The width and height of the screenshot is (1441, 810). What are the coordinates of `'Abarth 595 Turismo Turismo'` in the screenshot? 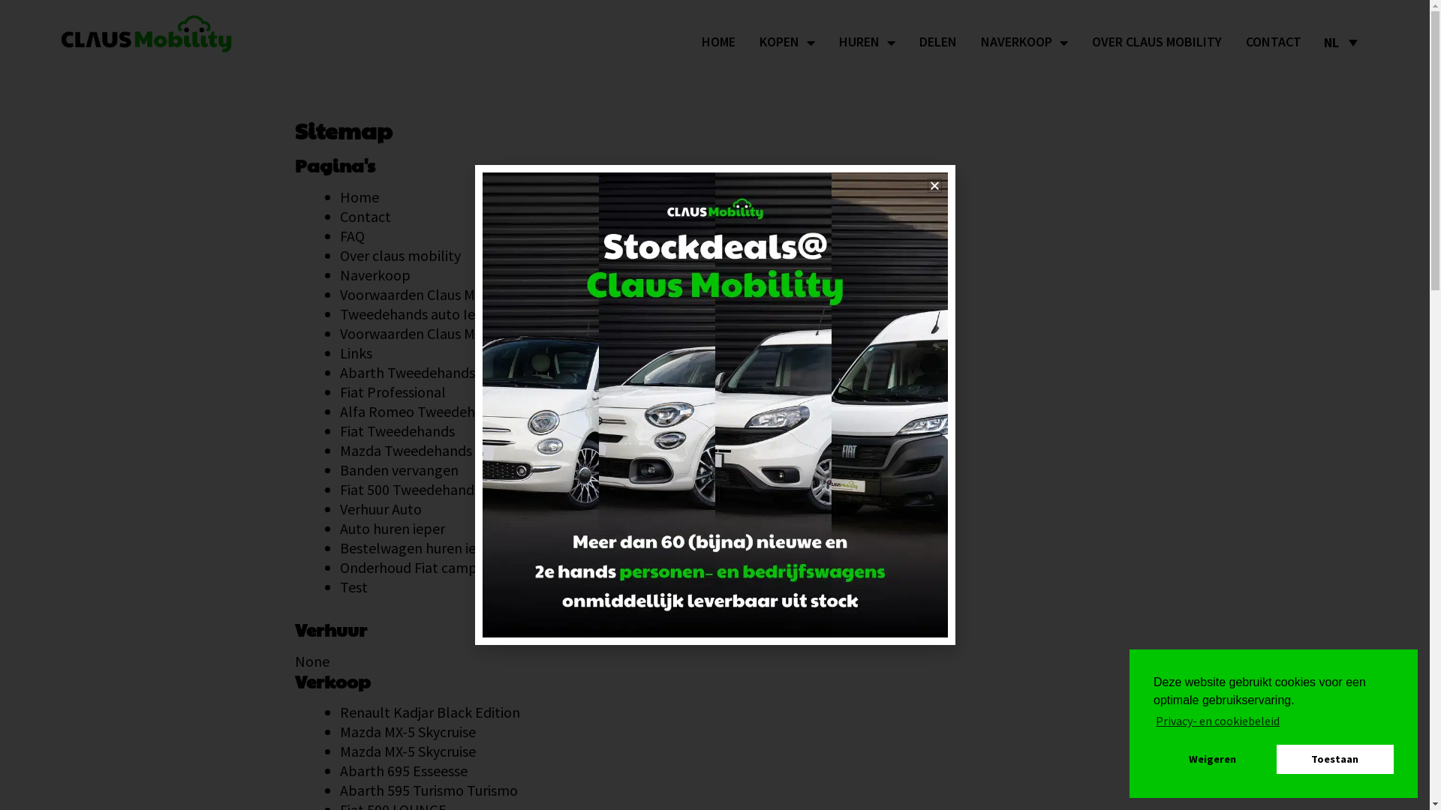 It's located at (427, 789).